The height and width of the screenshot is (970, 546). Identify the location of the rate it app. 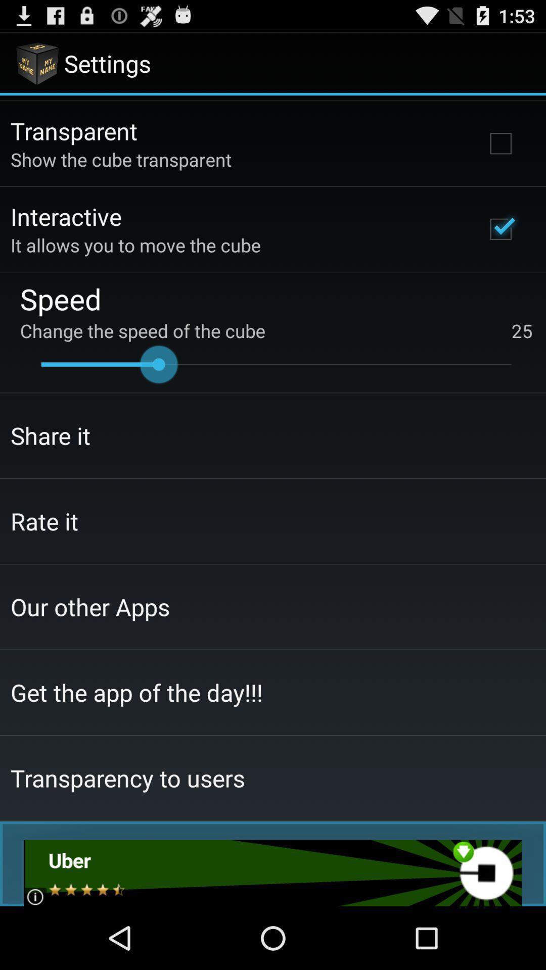
(44, 521).